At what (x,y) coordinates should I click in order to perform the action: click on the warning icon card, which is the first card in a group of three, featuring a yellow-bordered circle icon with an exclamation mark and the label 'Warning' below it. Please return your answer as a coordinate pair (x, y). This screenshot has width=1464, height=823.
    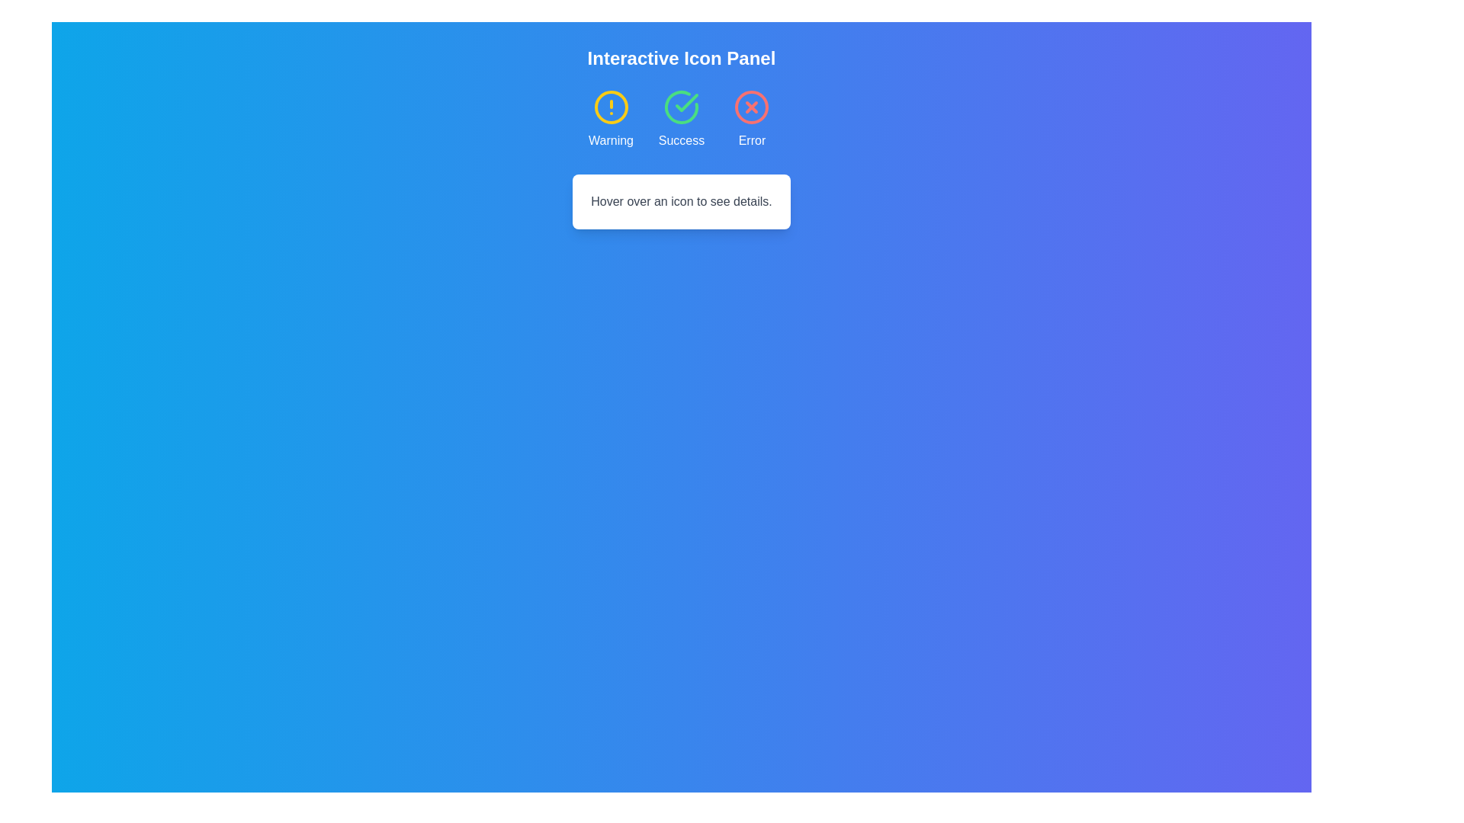
    Looking at the image, I should click on (611, 119).